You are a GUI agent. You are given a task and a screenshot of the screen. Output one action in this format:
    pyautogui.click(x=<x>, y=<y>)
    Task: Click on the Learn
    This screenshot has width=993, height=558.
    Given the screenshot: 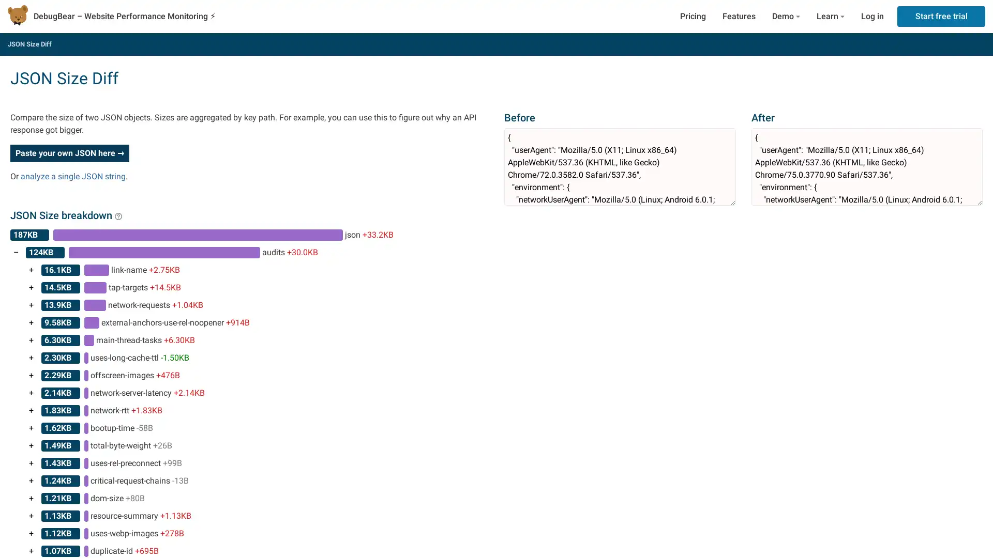 What is the action you would take?
    pyautogui.click(x=831, y=16)
    